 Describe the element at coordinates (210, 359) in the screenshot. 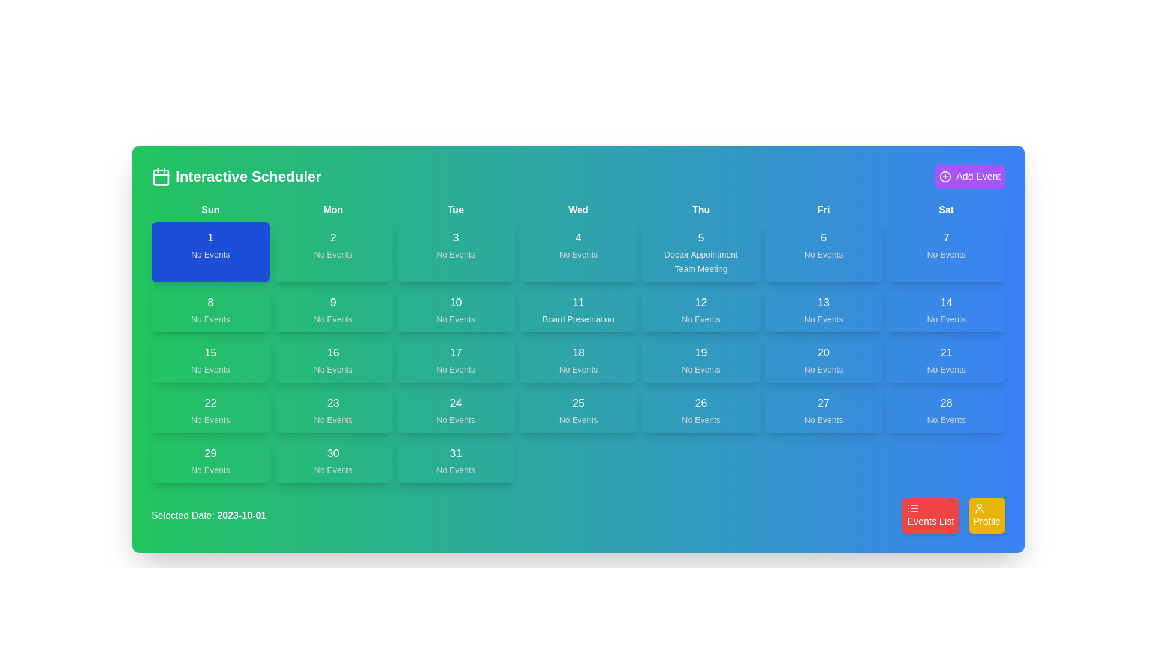

I see `the Day cell in the calendar grid located under the 'Sun' column, specifically in the third row and first column, which indicates no events scheduled` at that location.